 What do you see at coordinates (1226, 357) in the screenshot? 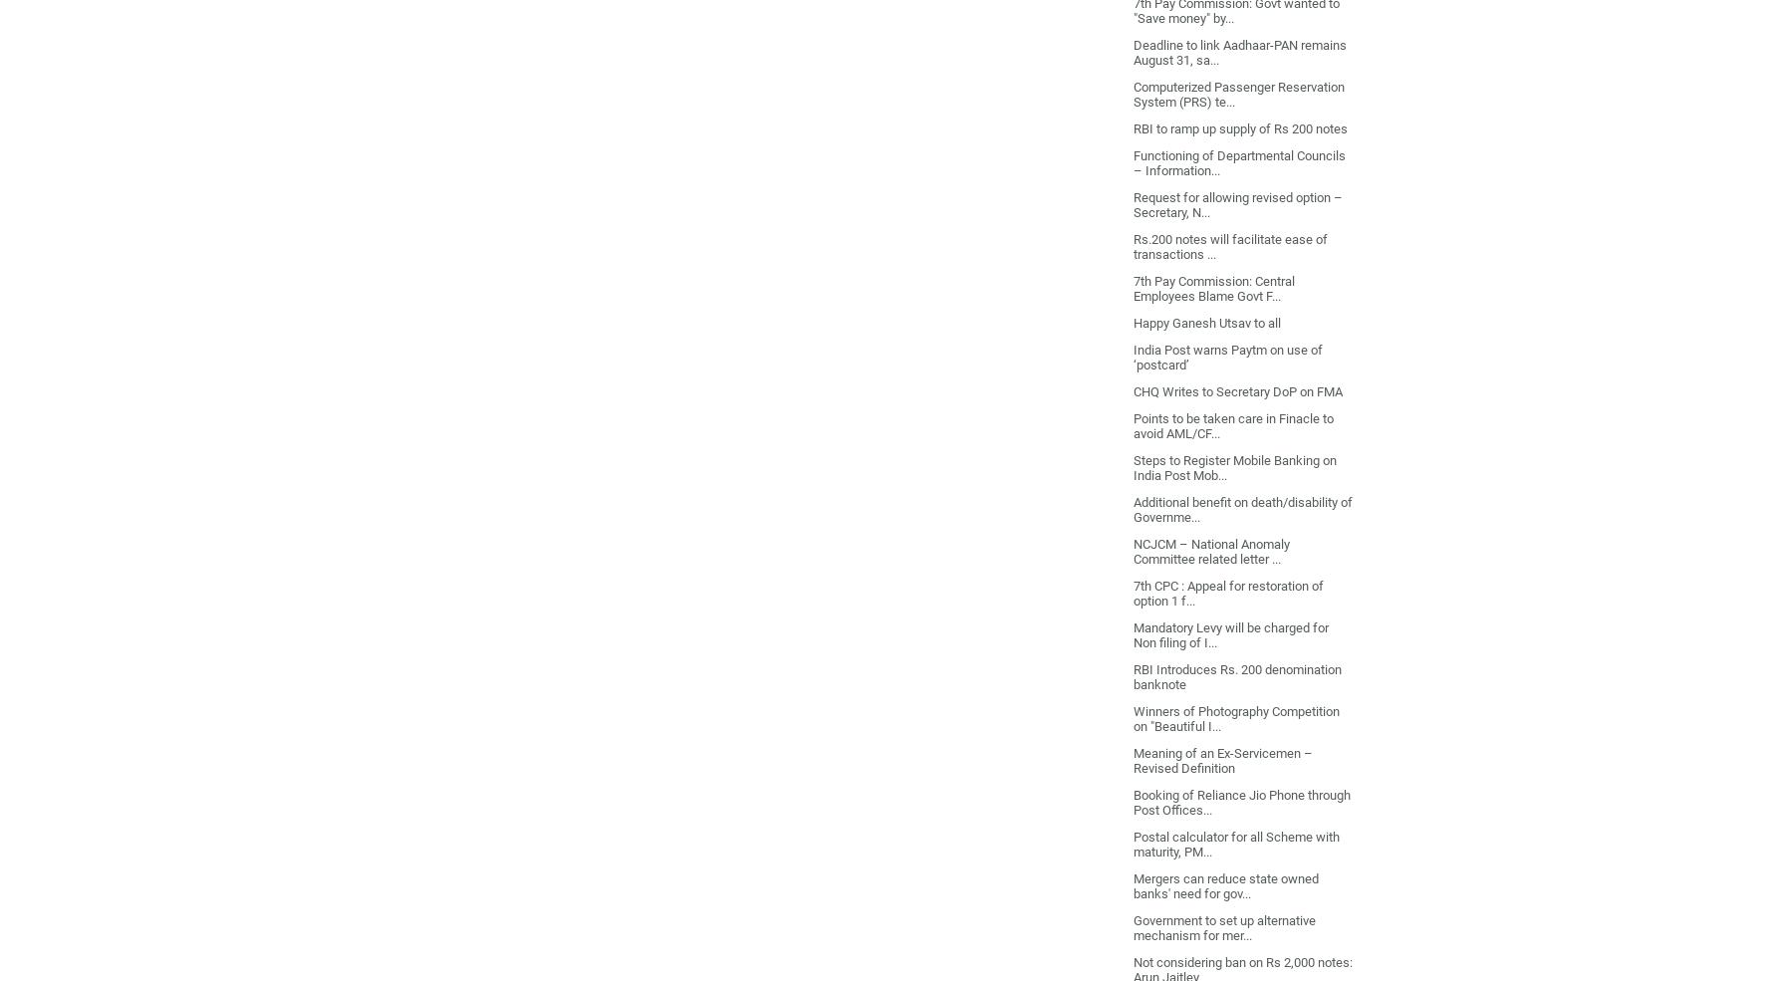
I see `'India Post warns Paytm on use of ‘postcard’'` at bounding box center [1226, 357].